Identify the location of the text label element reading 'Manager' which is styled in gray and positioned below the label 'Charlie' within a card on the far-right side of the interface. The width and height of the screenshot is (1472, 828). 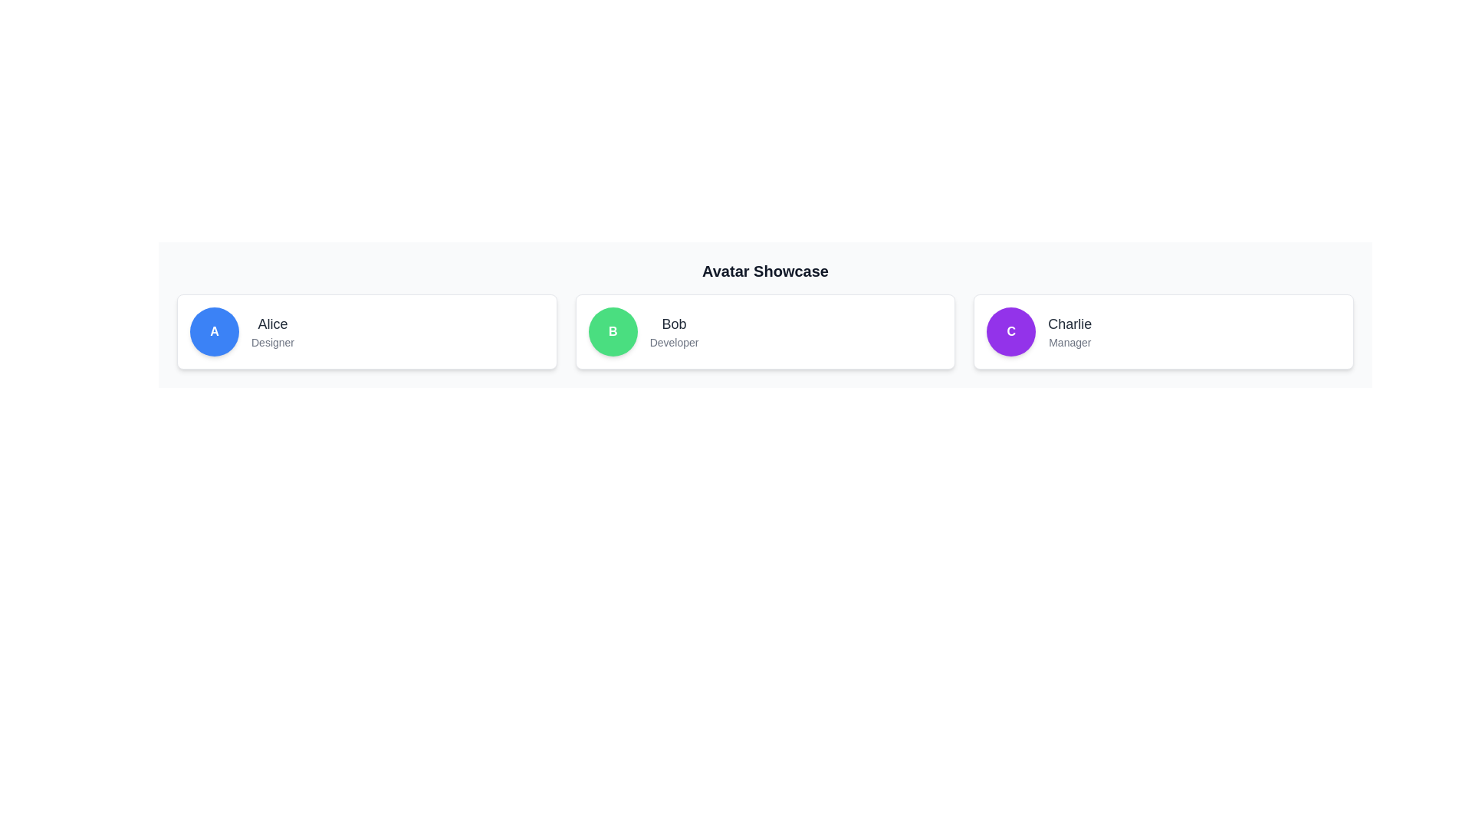
(1069, 342).